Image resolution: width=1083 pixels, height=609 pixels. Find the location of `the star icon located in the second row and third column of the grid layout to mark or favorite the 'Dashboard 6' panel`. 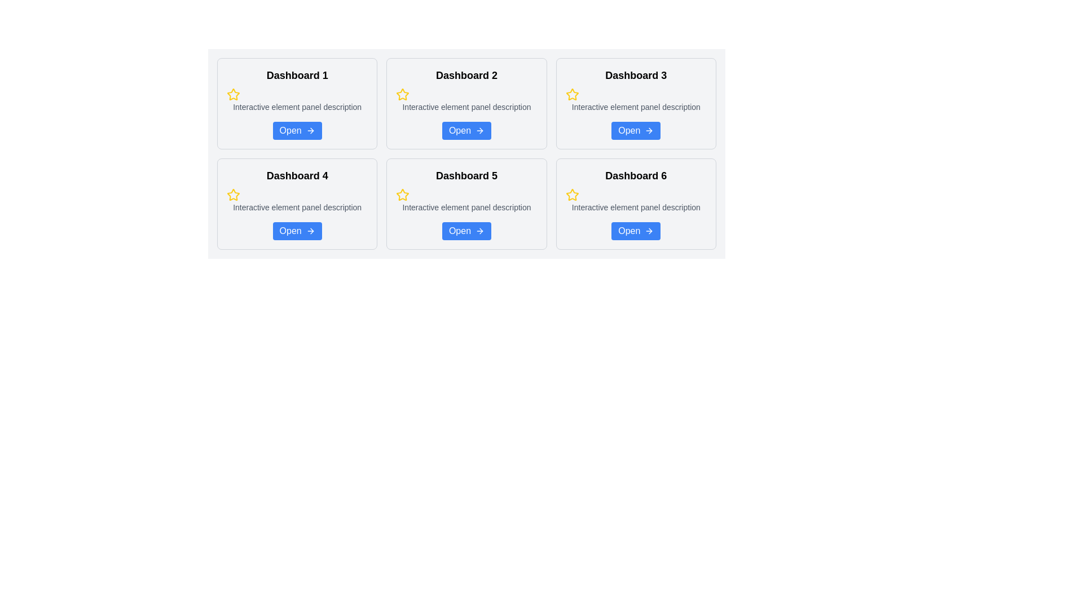

the star icon located in the second row and third column of the grid layout to mark or favorite the 'Dashboard 6' panel is located at coordinates (572, 194).